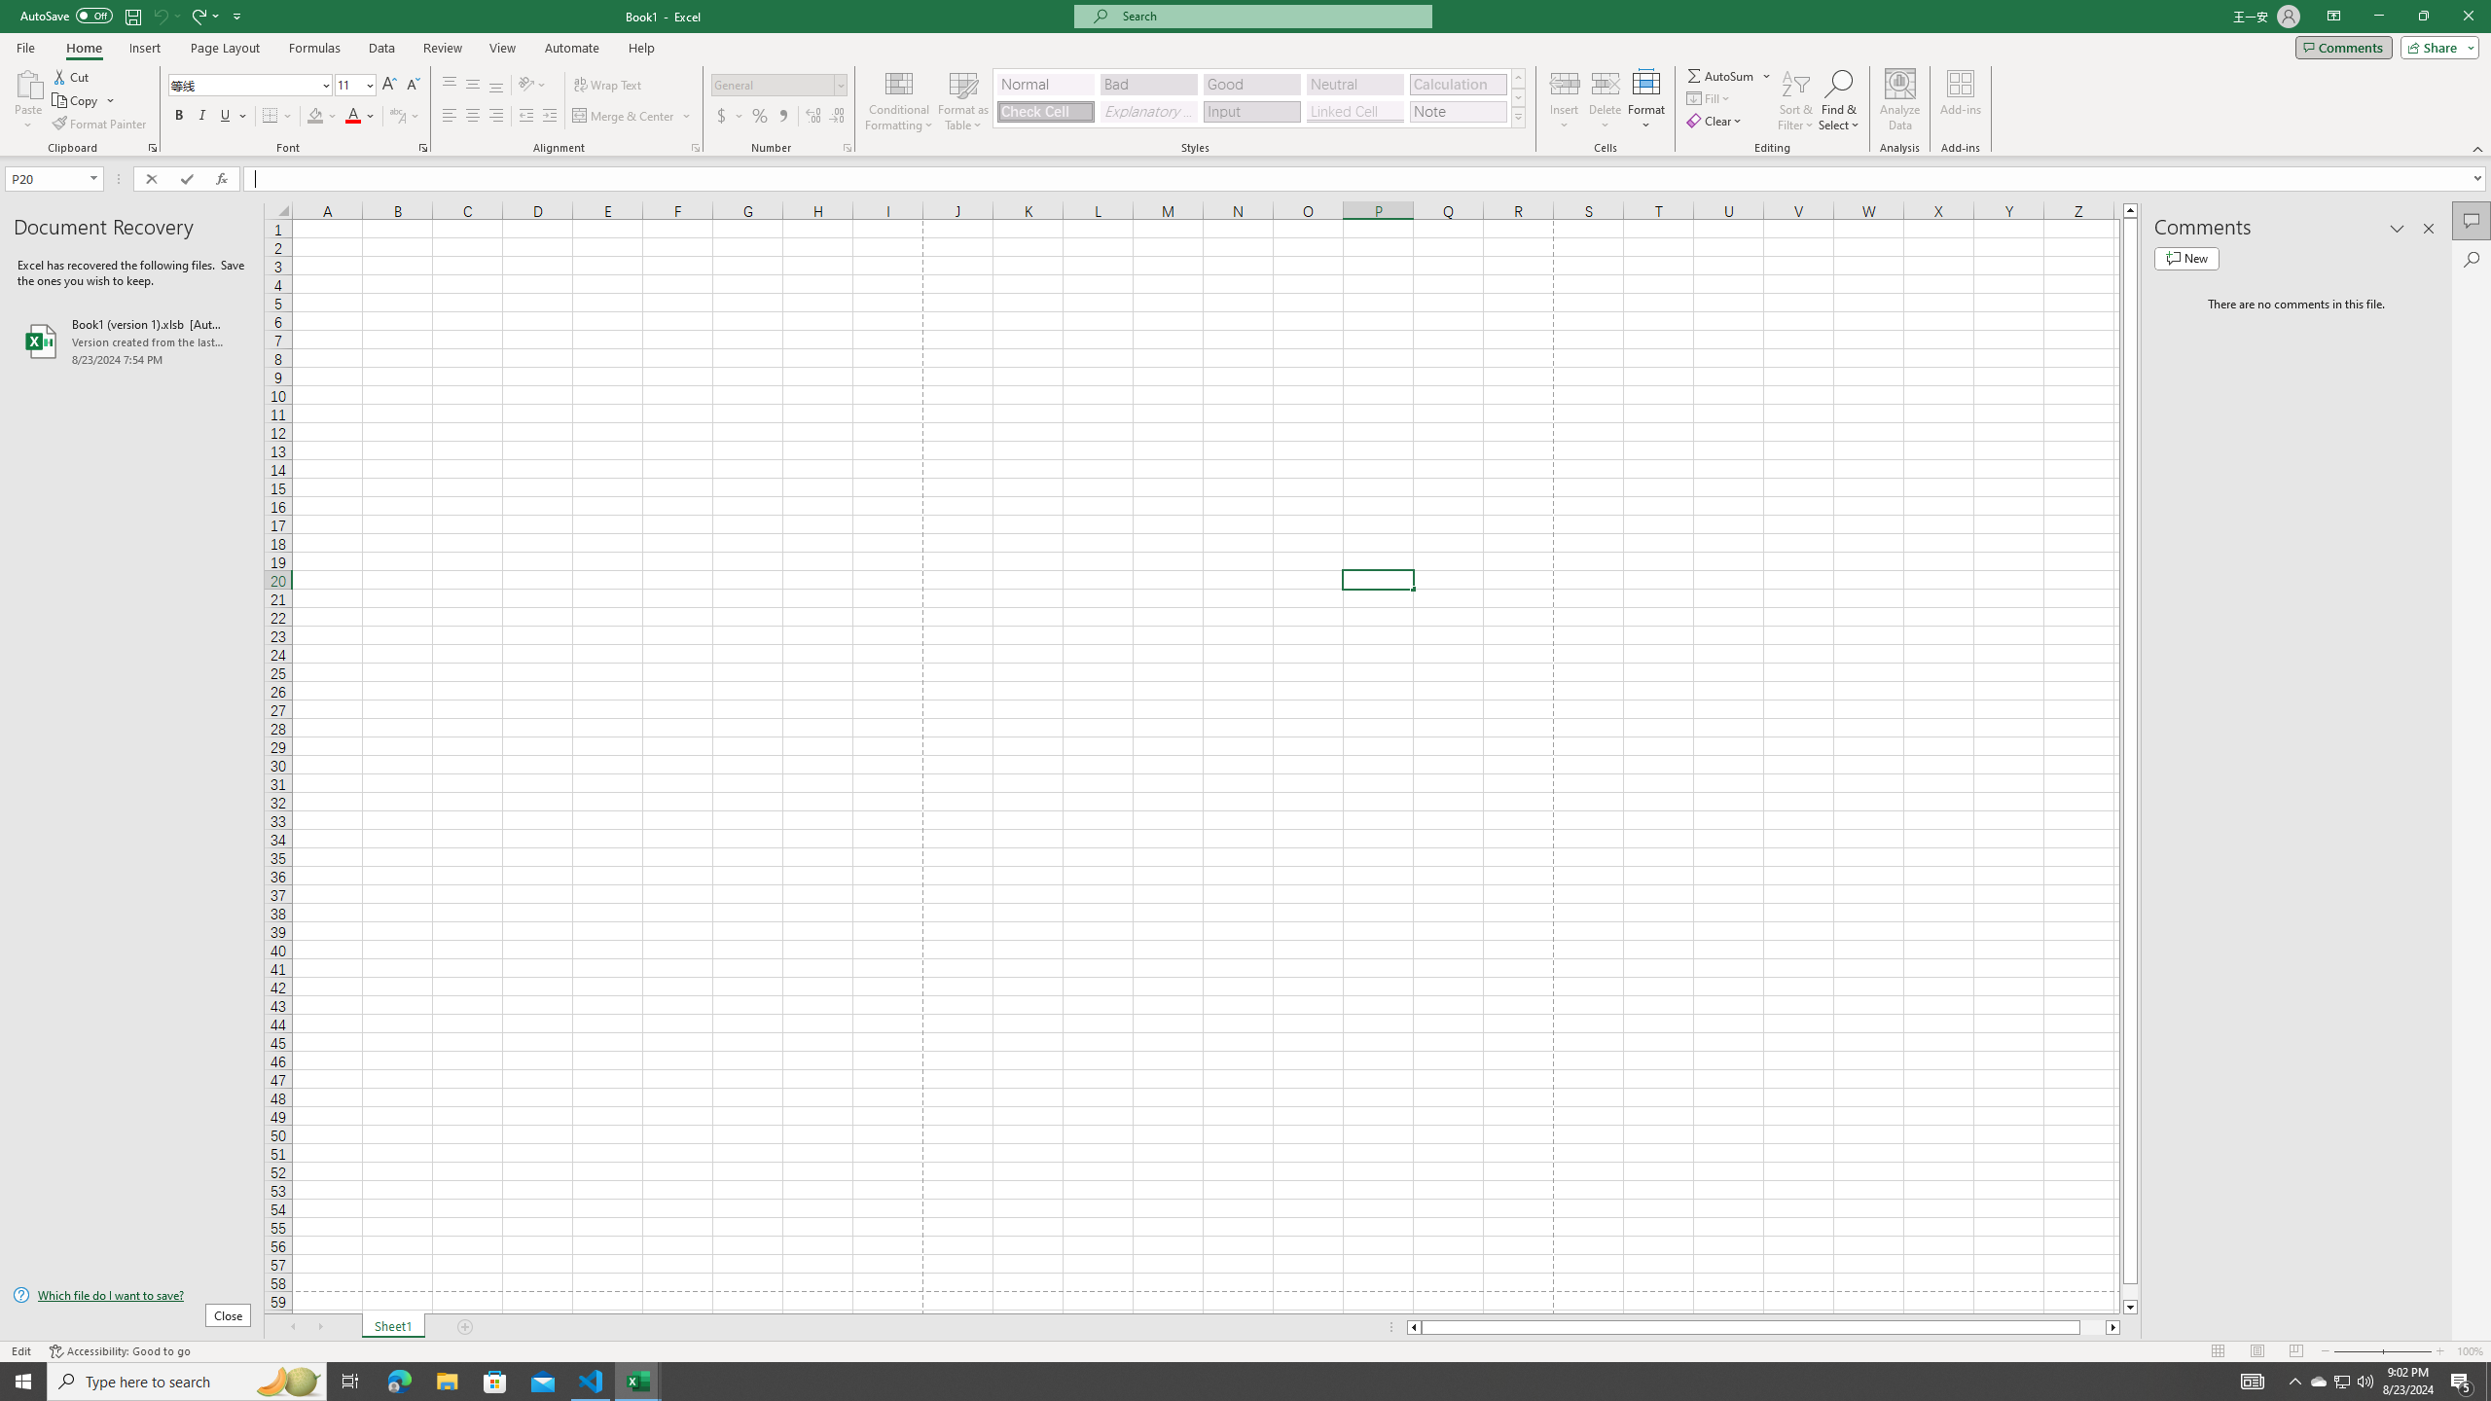 This screenshot has width=2491, height=1401. Describe the element at coordinates (151, 146) in the screenshot. I see `'Office Clipboard...'` at that location.